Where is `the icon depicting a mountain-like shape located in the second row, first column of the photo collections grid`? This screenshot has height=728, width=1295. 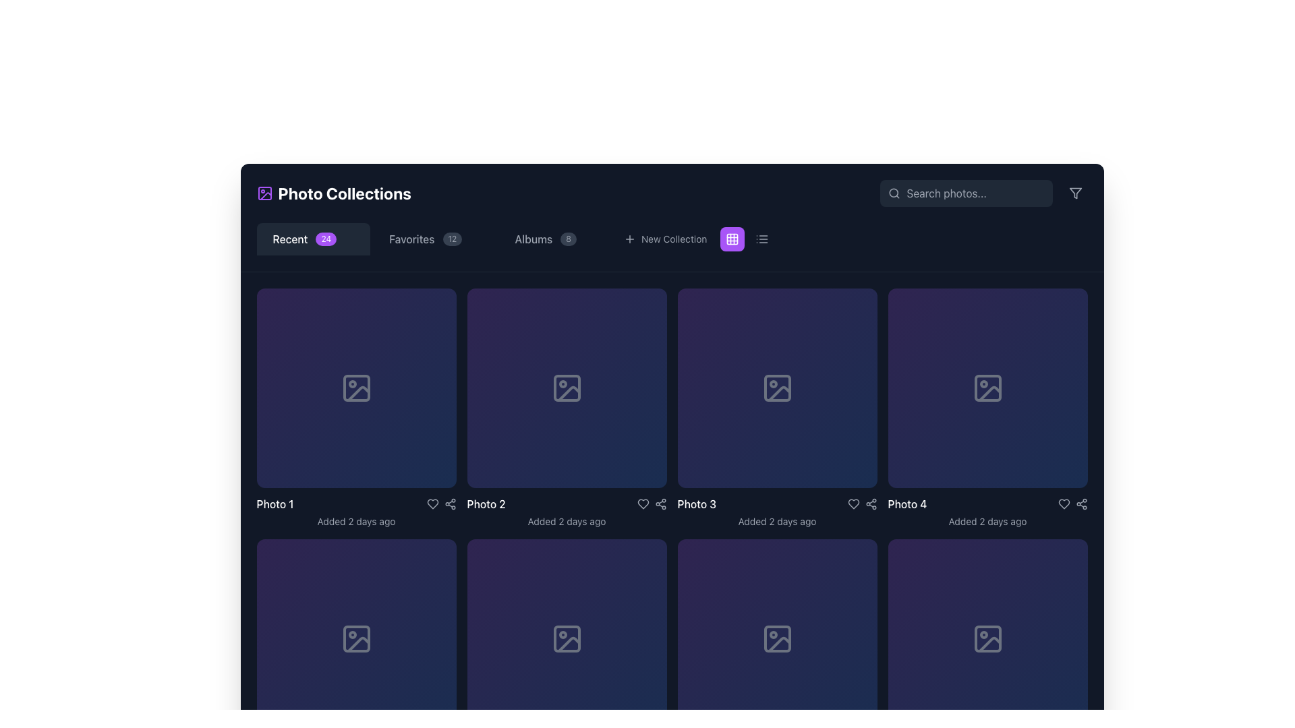
the icon depicting a mountain-like shape located in the second row, first column of the photo collections grid is located at coordinates (356, 638).